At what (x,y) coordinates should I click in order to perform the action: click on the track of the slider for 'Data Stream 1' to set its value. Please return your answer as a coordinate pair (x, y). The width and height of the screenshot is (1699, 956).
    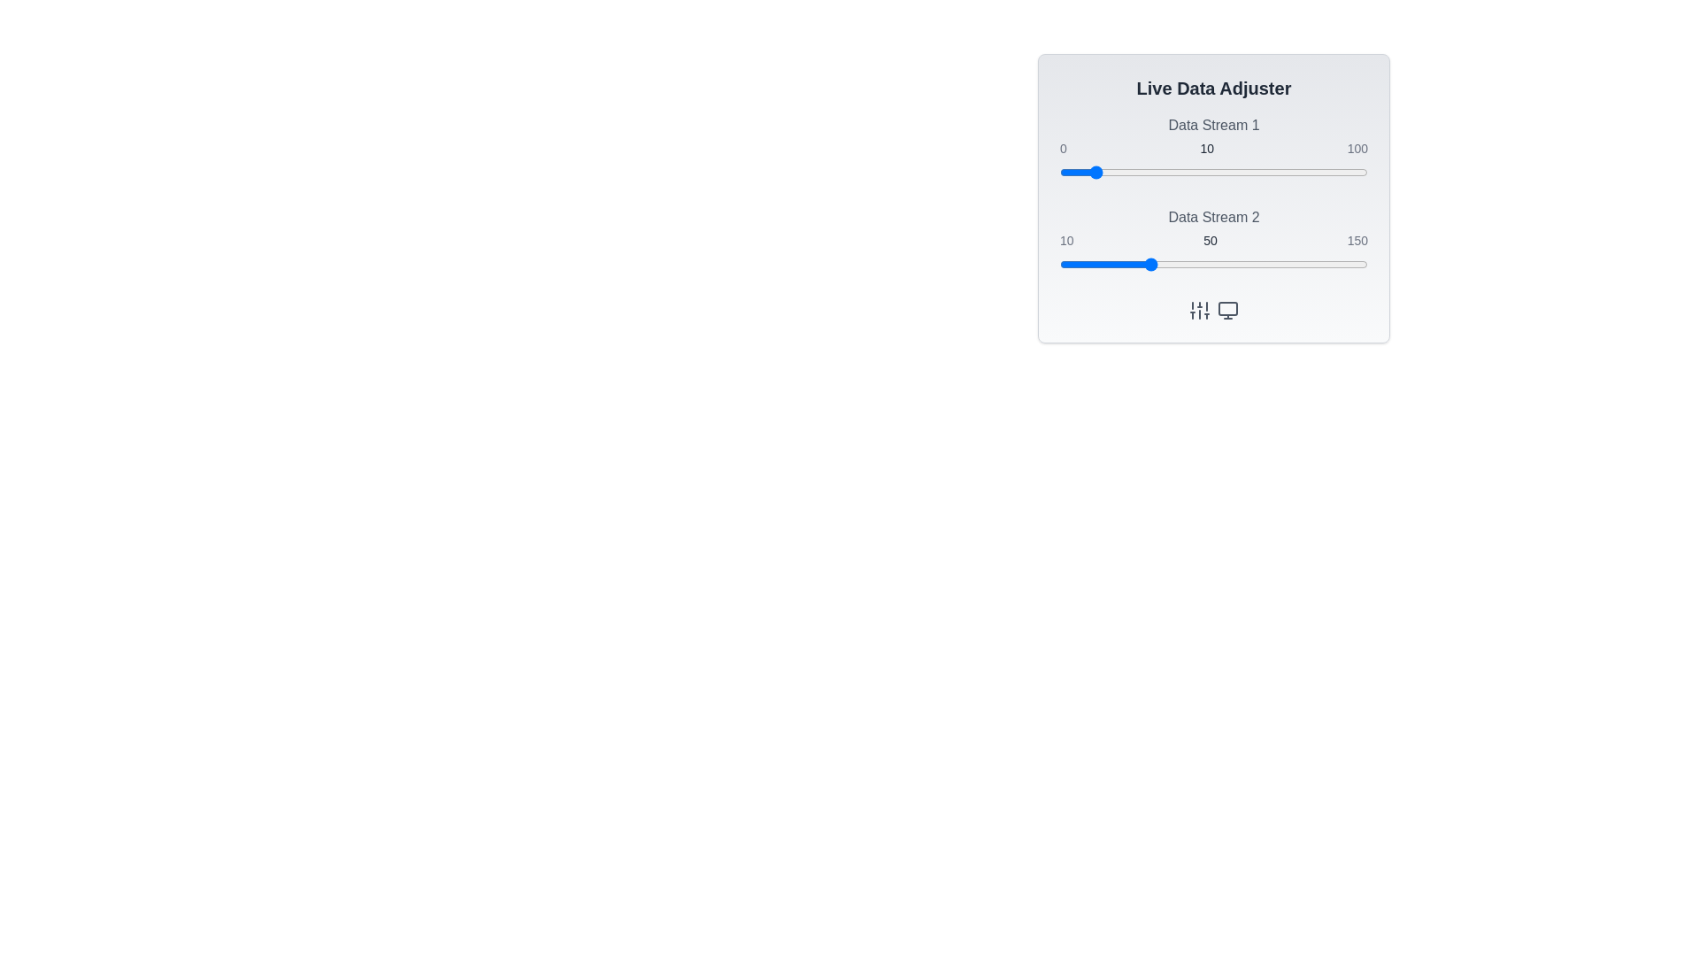
    Looking at the image, I should click on (1213, 173).